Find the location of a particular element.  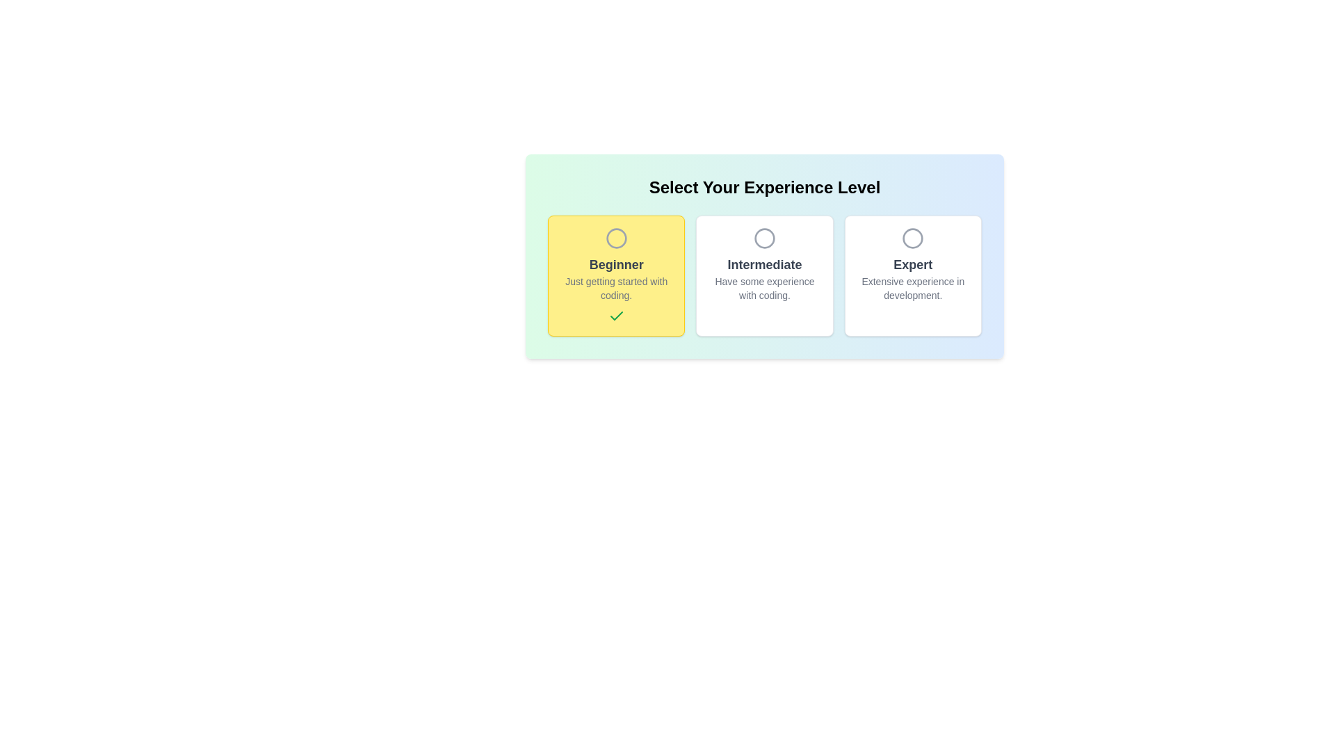

descriptive text that clarifies the meaning or requirements of the 'Intermediate' option located below the heading 'Intermediate' in the centered panel is located at coordinates (763, 288).